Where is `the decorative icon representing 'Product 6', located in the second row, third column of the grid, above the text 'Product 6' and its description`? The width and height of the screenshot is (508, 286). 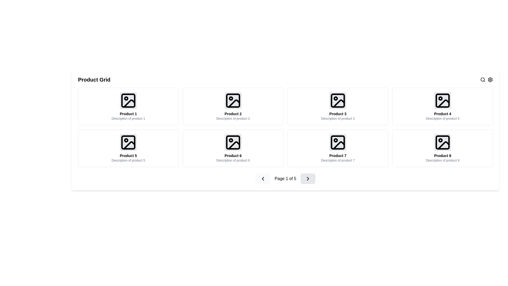
the decorative icon representing 'Product 6', located in the second row, third column of the grid, above the text 'Product 6' and its description is located at coordinates (233, 142).